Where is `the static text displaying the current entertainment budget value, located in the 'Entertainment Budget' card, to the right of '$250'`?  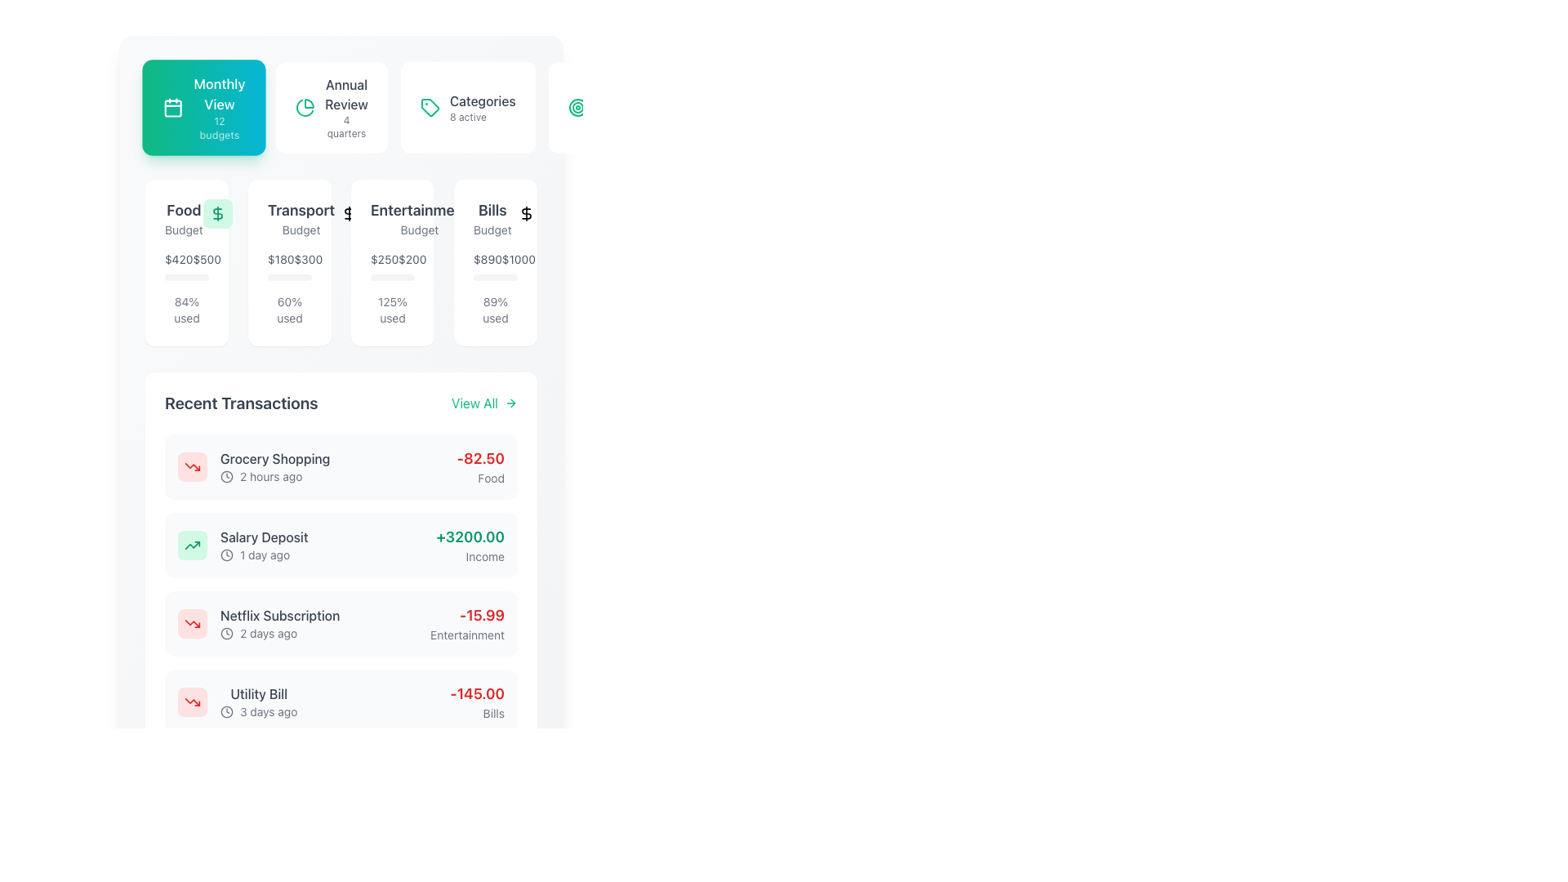
the static text displaying the current entertainment budget value, located in the 'Entertainment Budget' card, to the right of '$250' is located at coordinates (412, 258).